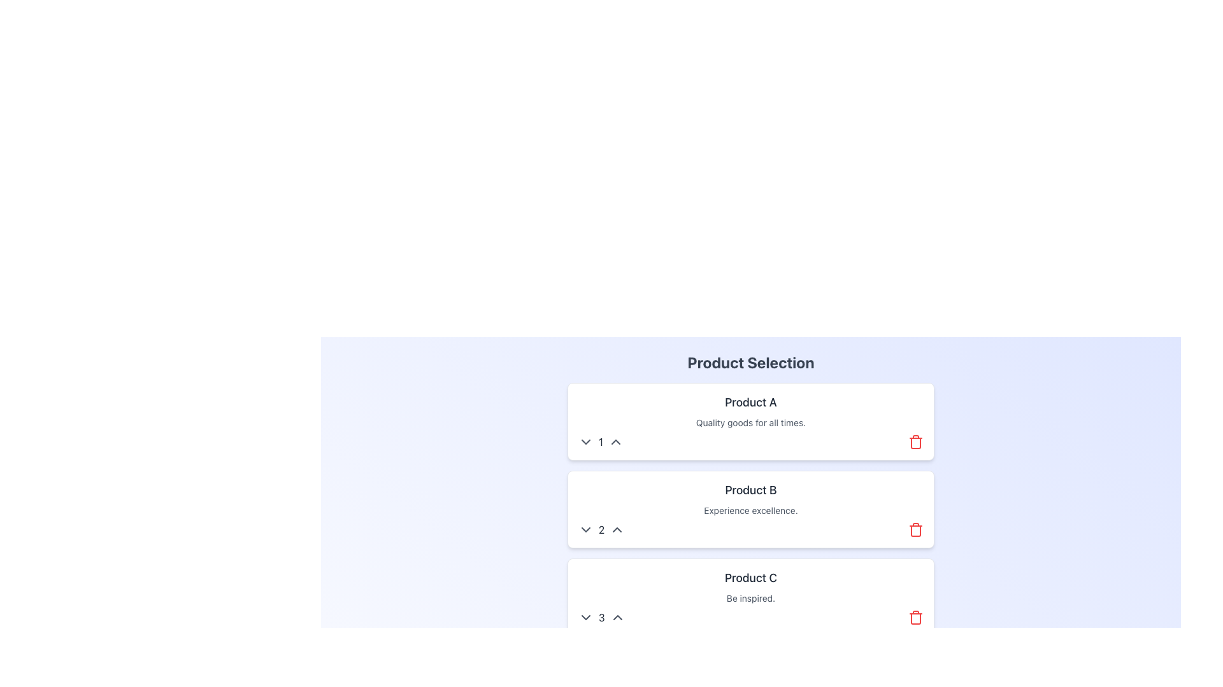  Describe the element at coordinates (601, 530) in the screenshot. I see `the text content displaying the current quantity value of 'Product B', which shows the number '2' positioned between the decrement and increment arrows, to potentially edit or select it` at that location.